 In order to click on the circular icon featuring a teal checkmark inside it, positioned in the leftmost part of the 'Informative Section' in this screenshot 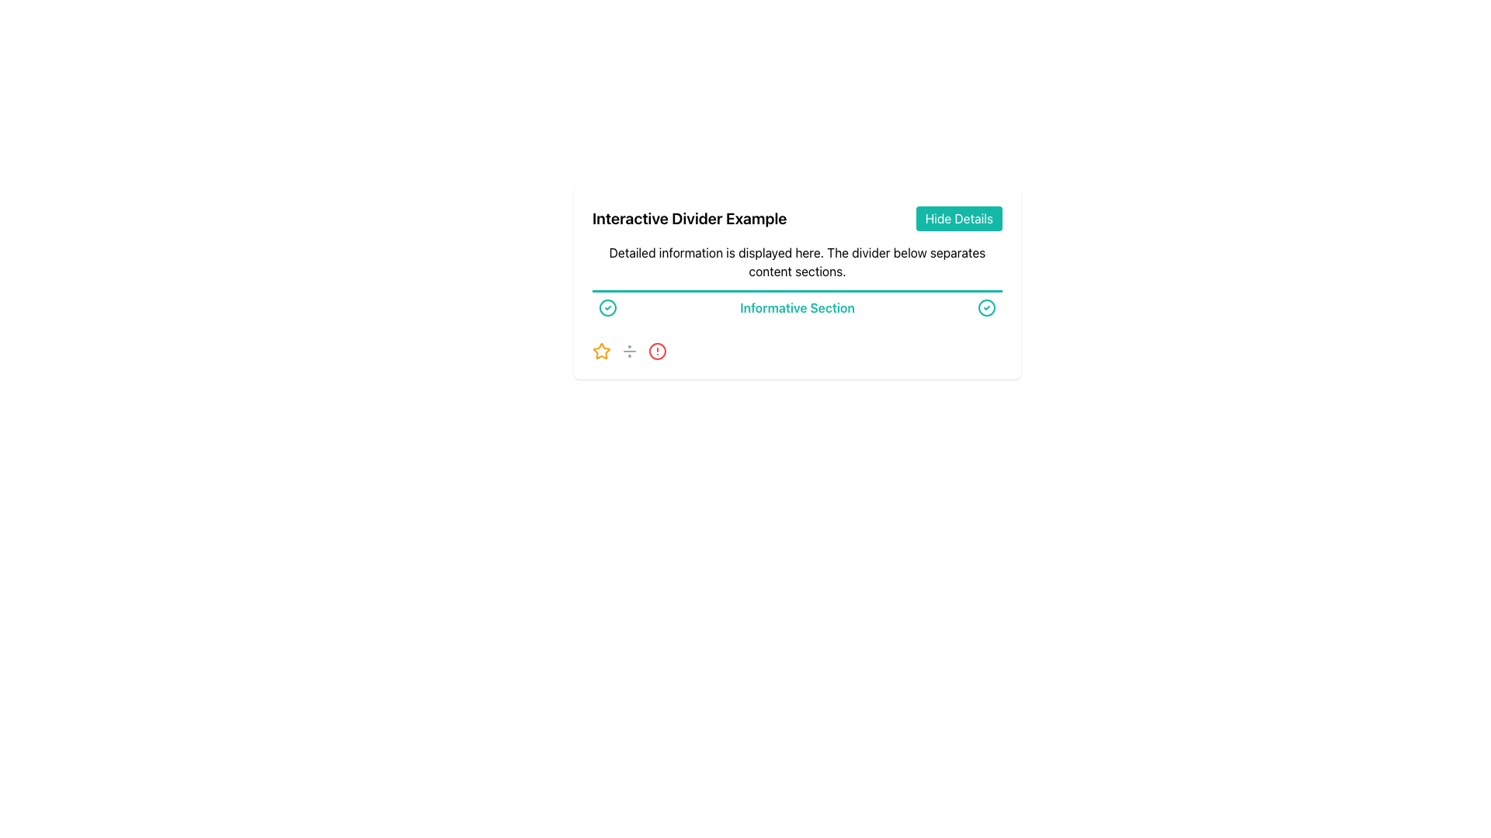, I will do `click(606, 308)`.